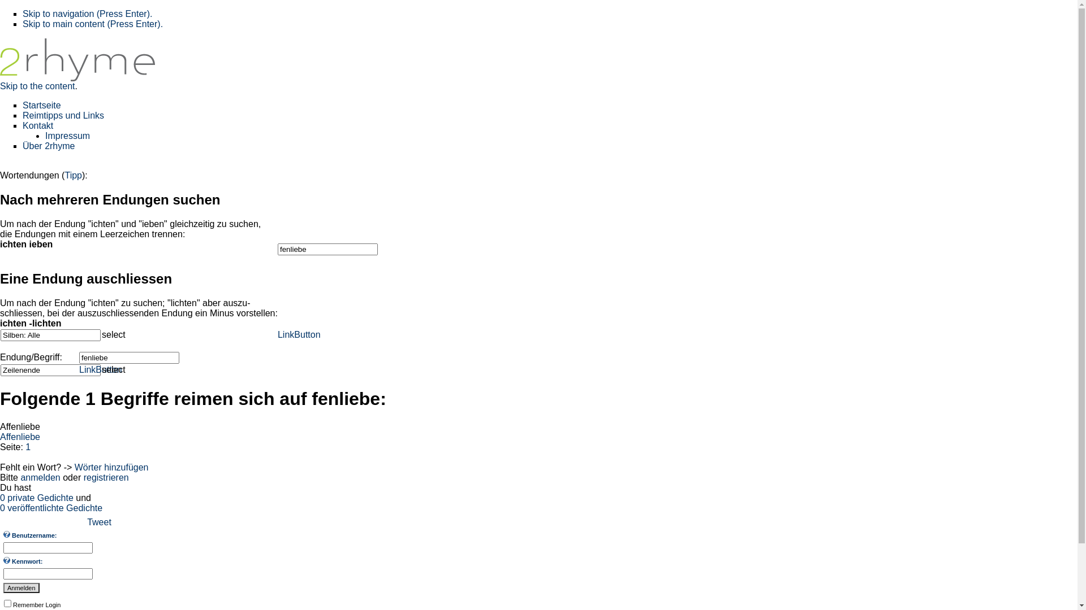 The width and height of the screenshot is (1086, 610). What do you see at coordinates (0, 85) in the screenshot?
I see `'Skip to the content'` at bounding box center [0, 85].